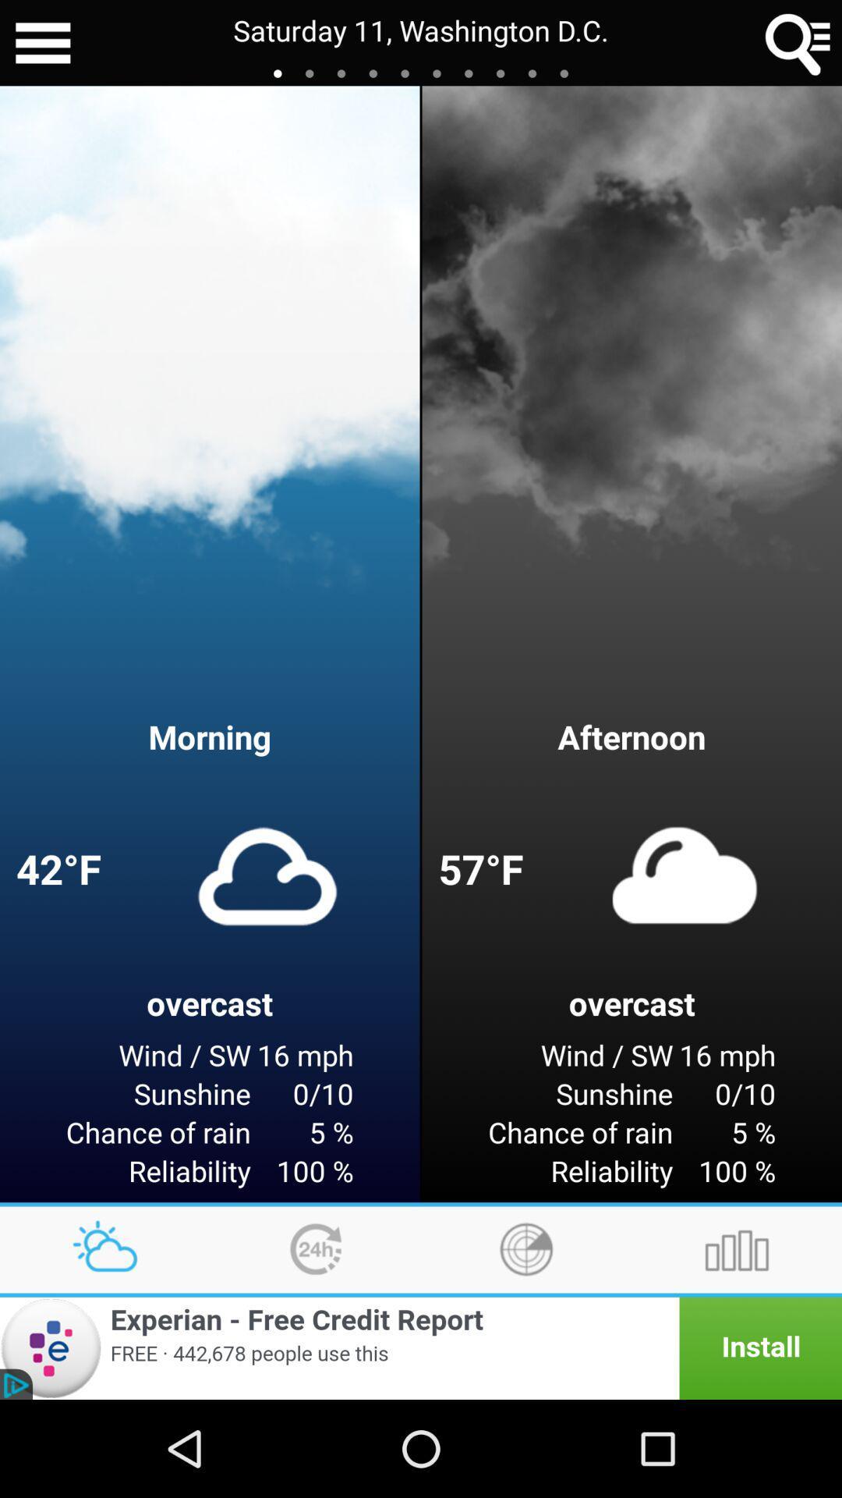 This screenshot has width=842, height=1498. I want to click on location search, so click(798, 43).